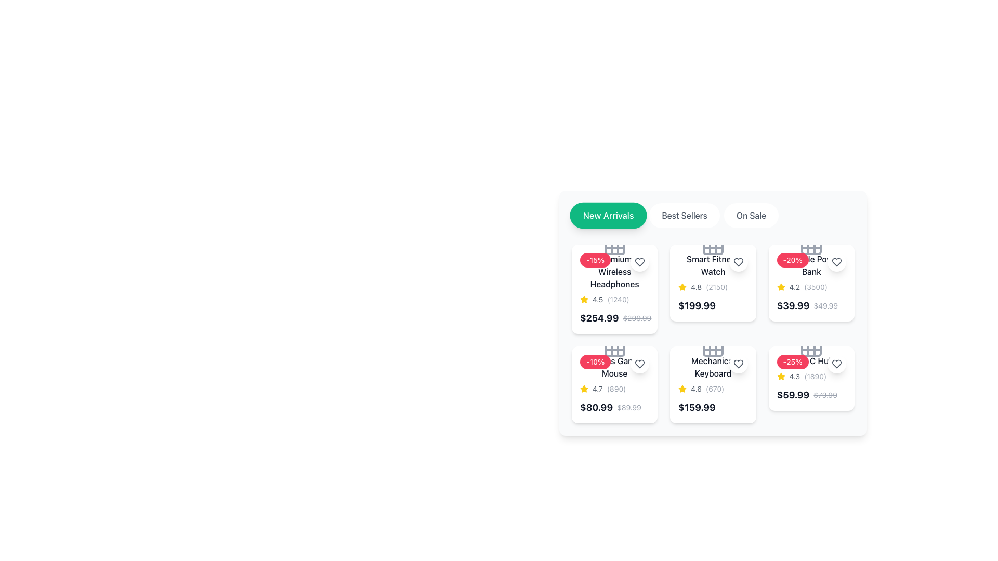 Image resolution: width=998 pixels, height=561 pixels. Describe the element at coordinates (614, 346) in the screenshot. I see `the icon` at that location.